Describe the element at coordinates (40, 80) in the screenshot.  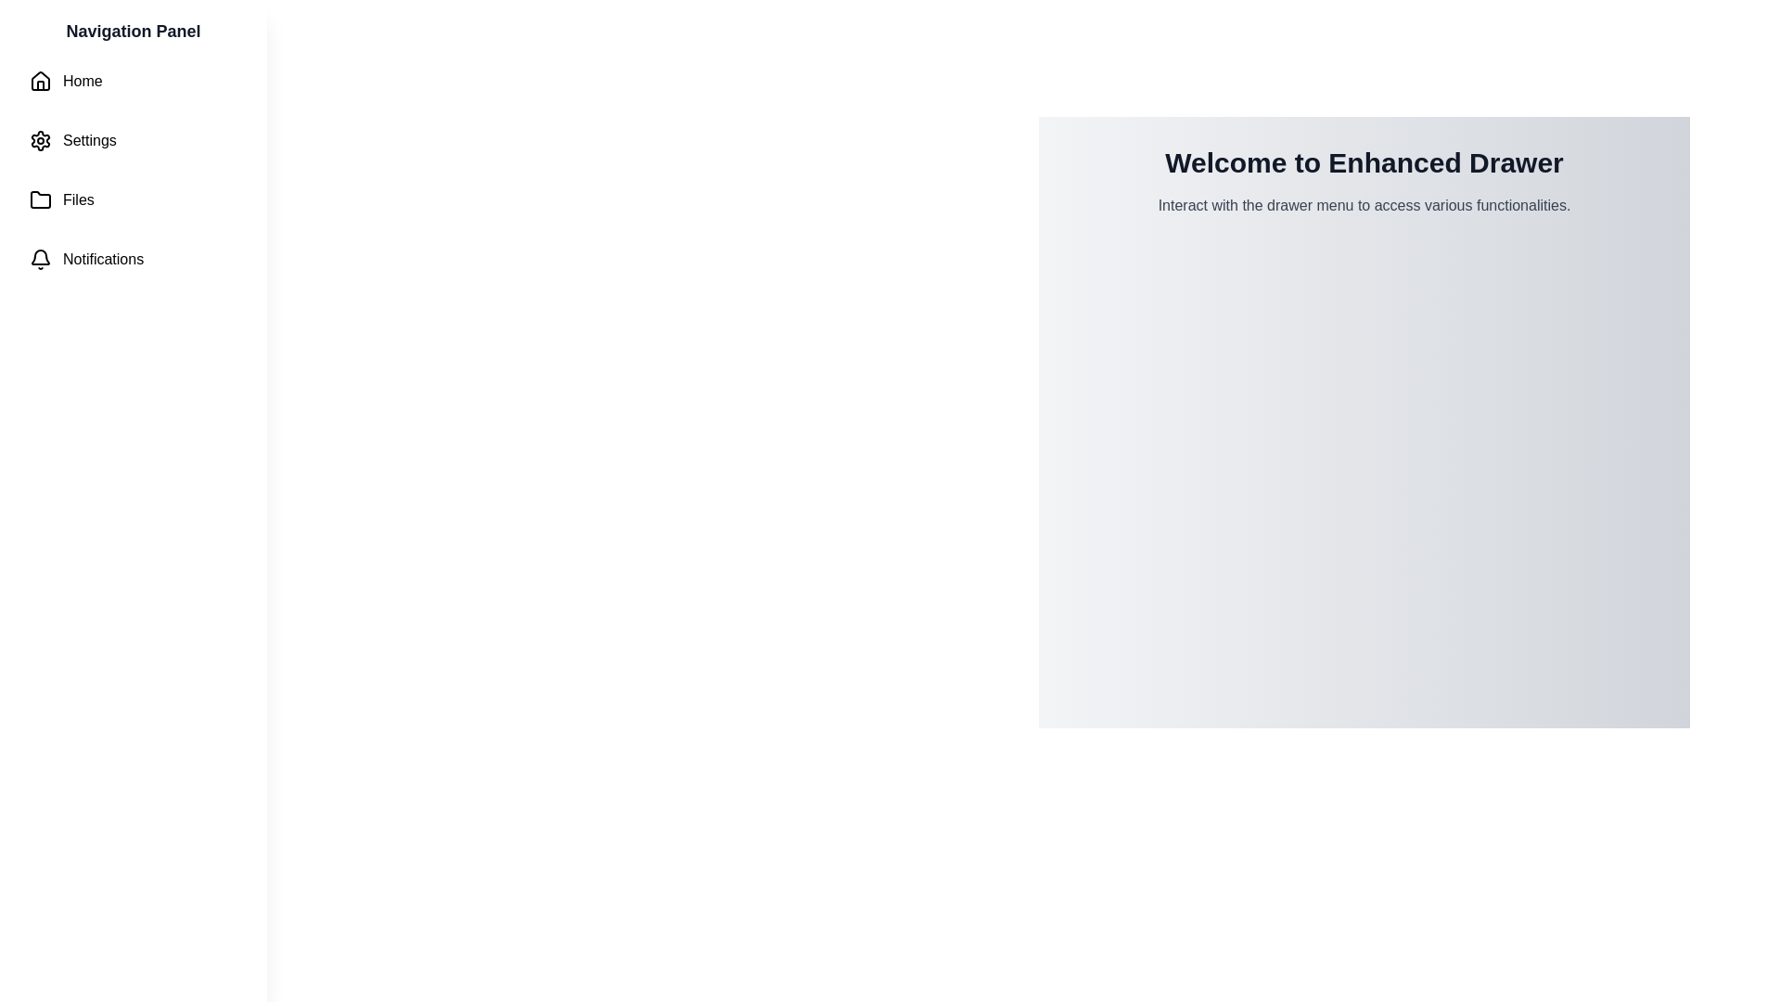
I see `the home icon located at the top of the left-side navigation panel` at that location.